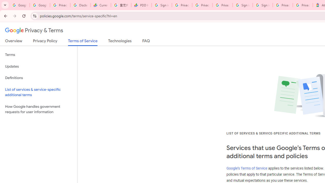 The height and width of the screenshot is (183, 325). I want to click on 'Sign in - Google Accounts', so click(242, 5).